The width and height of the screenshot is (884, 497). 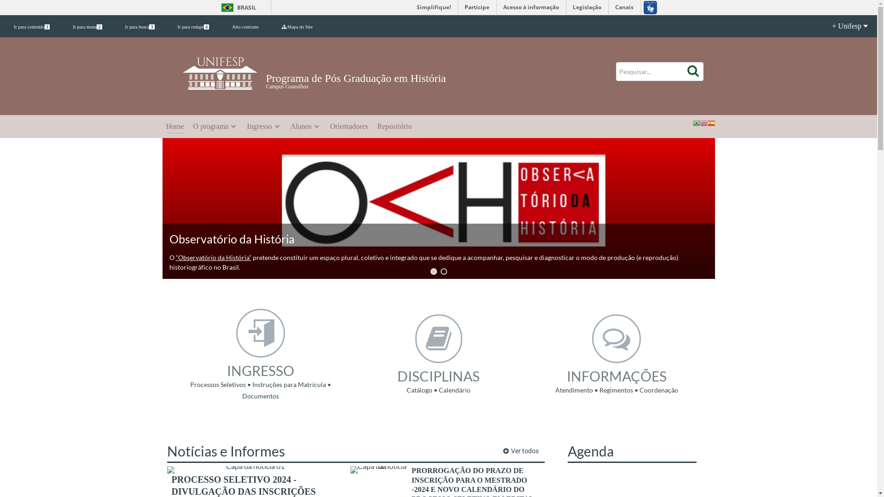 What do you see at coordinates (349, 127) in the screenshot?
I see `'Orientadores'` at bounding box center [349, 127].